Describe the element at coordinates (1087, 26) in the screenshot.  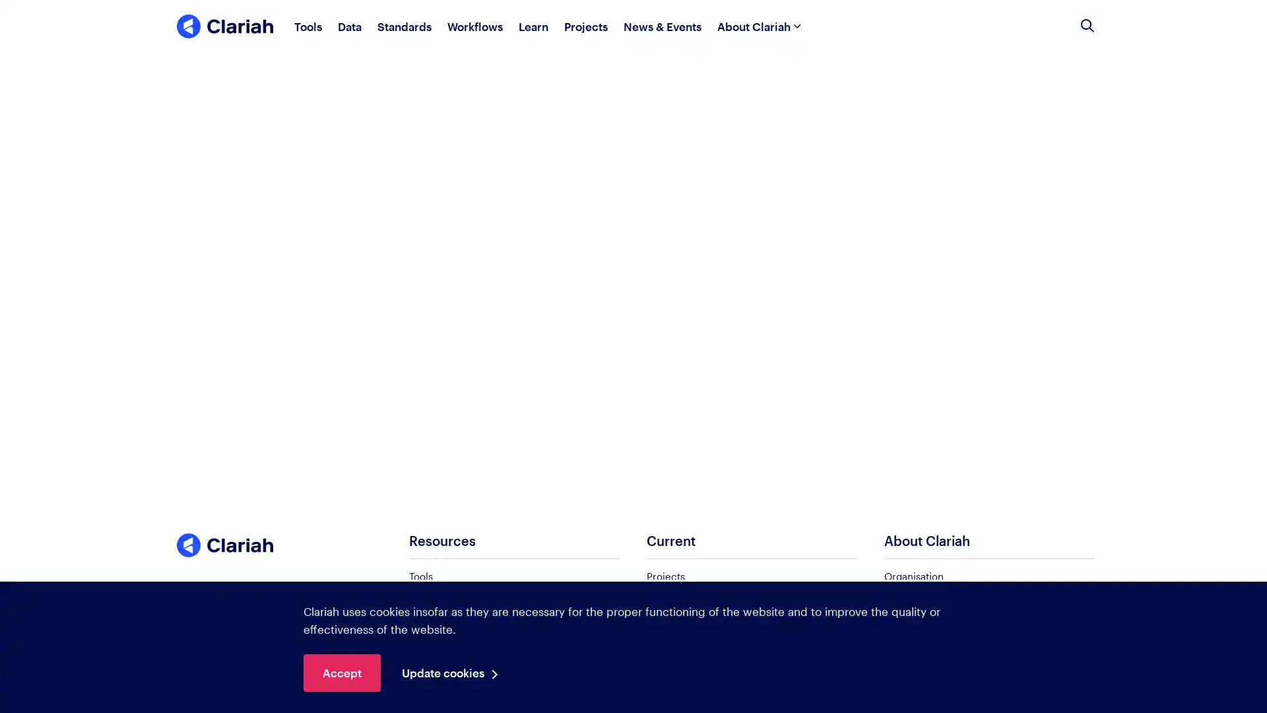
I see `Open searchbar` at that location.